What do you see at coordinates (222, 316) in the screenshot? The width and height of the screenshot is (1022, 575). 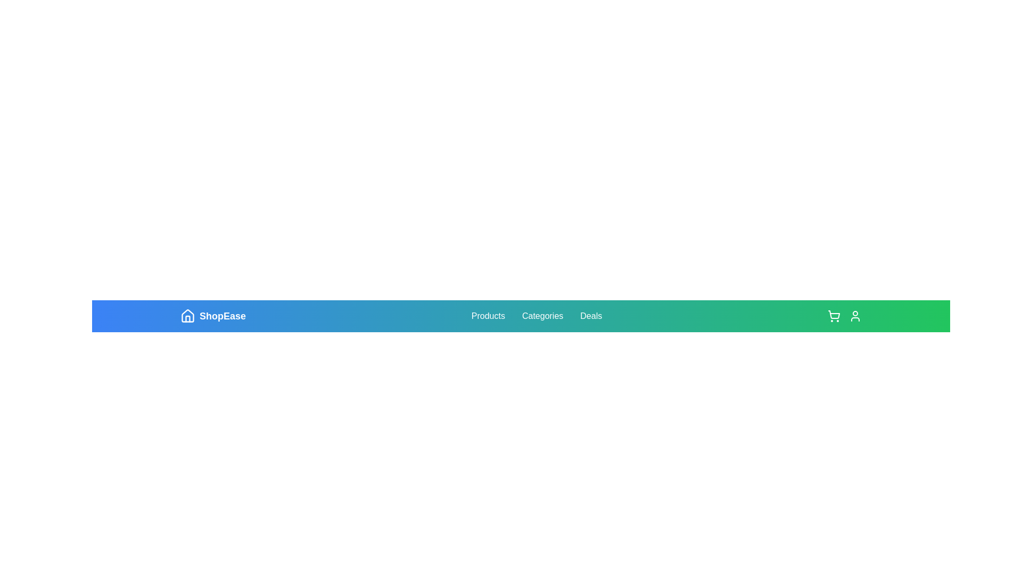 I see `the 'ShopEase' text label in the navigation bar, which has a blue background and is positioned next to a house icon` at bounding box center [222, 316].